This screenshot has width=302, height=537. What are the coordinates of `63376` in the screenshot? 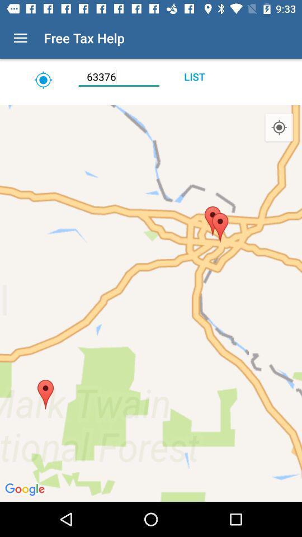 It's located at (118, 76).